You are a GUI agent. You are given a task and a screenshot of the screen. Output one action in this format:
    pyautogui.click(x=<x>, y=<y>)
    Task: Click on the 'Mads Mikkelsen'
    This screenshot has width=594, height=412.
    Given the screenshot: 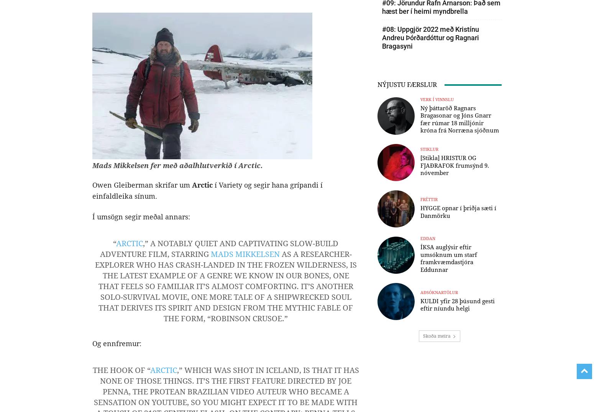 What is the action you would take?
    pyautogui.click(x=244, y=253)
    